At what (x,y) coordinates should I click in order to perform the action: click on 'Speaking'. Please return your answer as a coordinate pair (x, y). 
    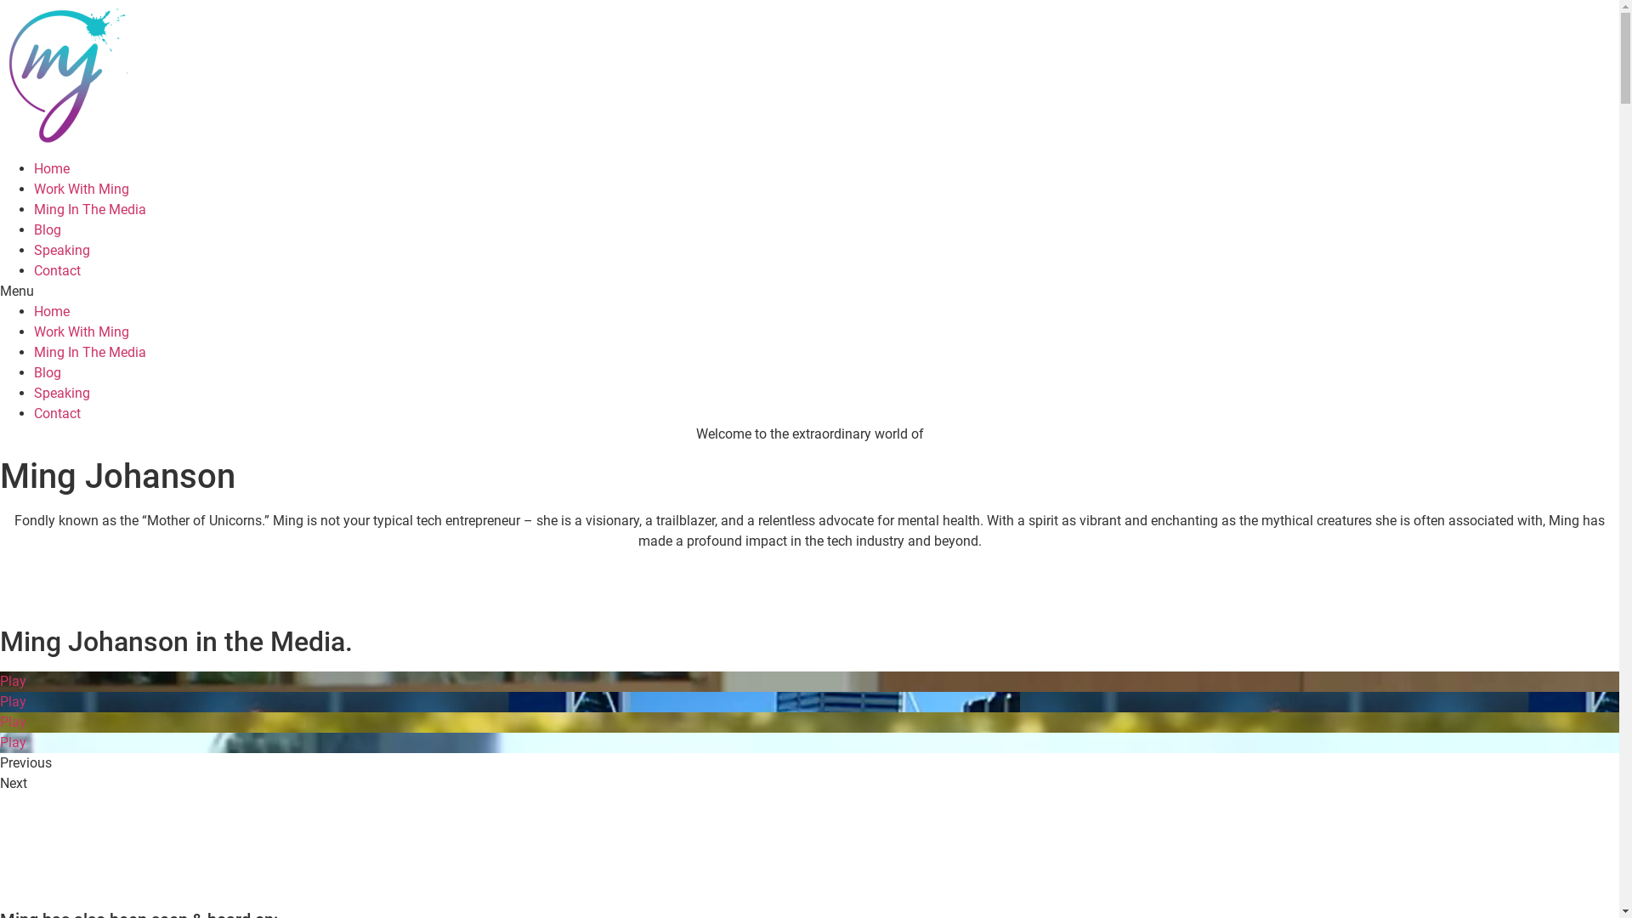
    Looking at the image, I should click on (61, 393).